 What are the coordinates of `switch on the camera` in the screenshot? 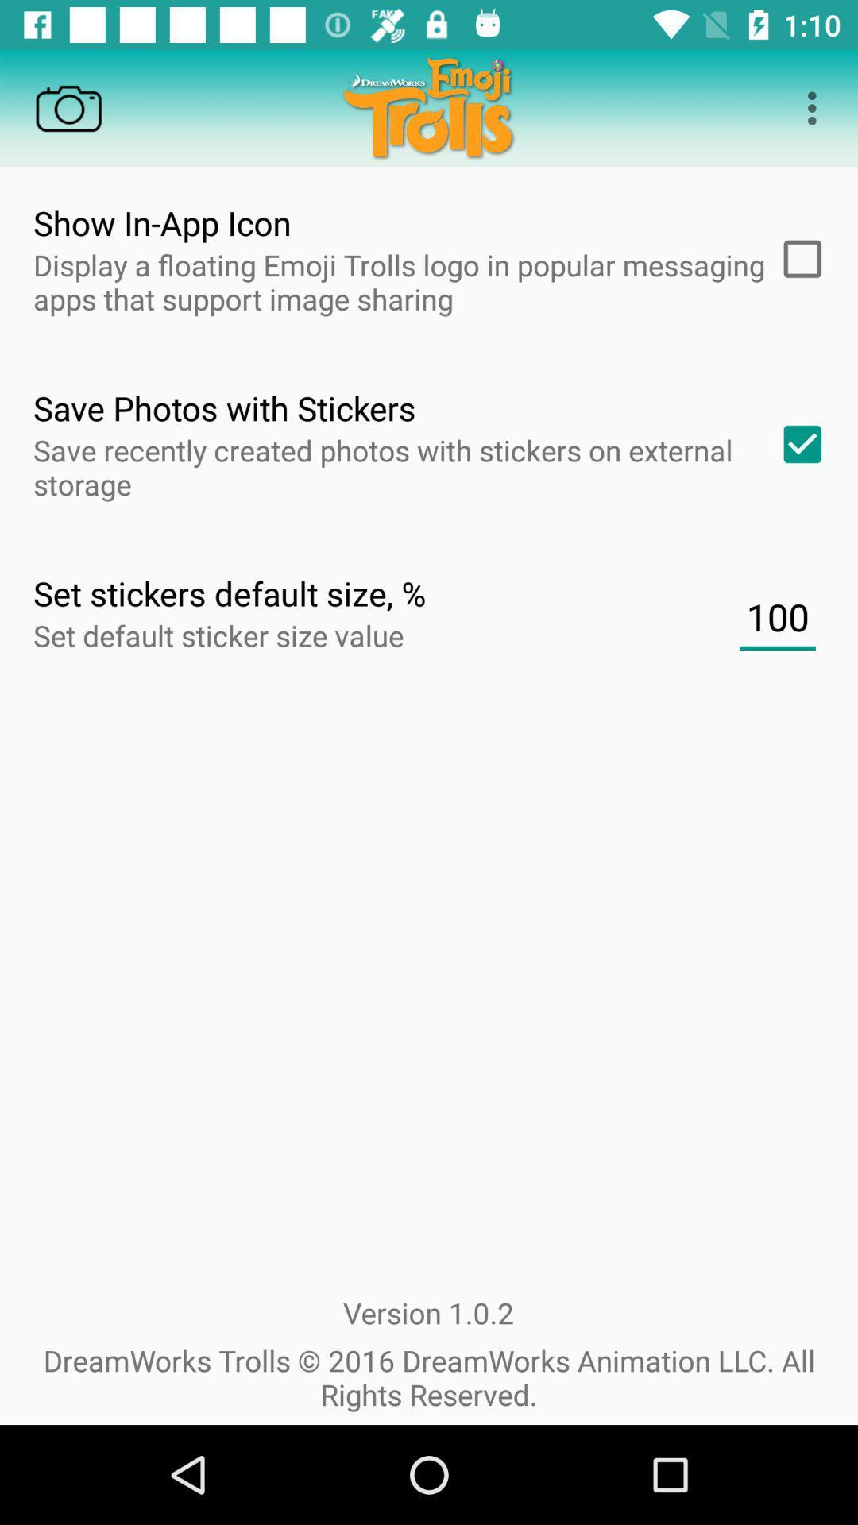 It's located at (68, 107).